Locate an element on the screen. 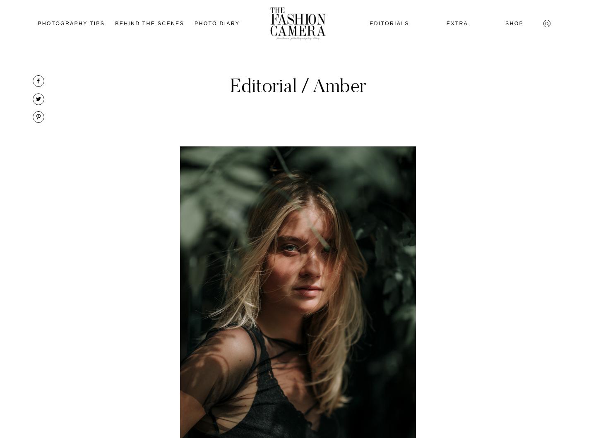 The image size is (596, 438). 'Checkout' is located at coordinates (519, 113).